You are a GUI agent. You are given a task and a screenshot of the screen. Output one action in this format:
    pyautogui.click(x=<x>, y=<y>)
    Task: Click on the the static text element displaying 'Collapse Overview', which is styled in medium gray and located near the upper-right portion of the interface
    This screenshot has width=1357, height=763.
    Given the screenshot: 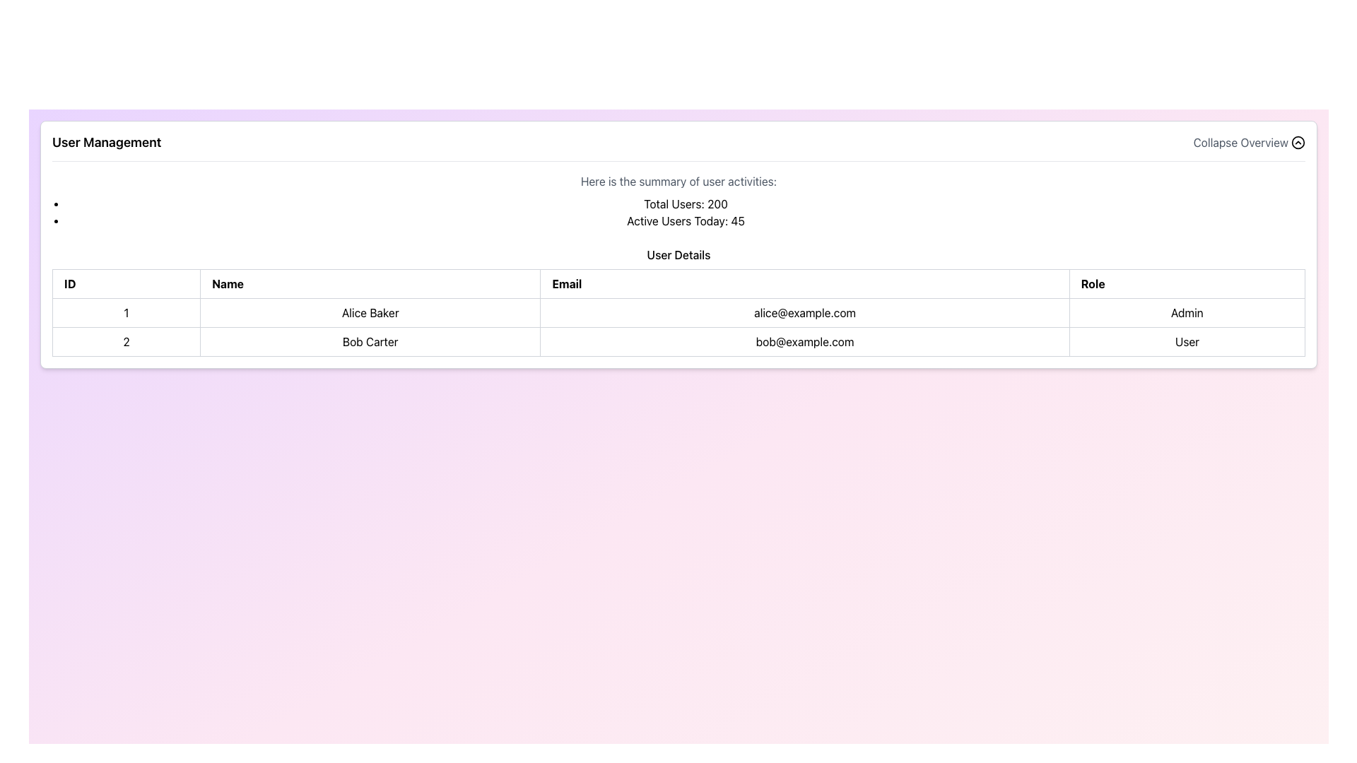 What is the action you would take?
    pyautogui.click(x=1240, y=142)
    